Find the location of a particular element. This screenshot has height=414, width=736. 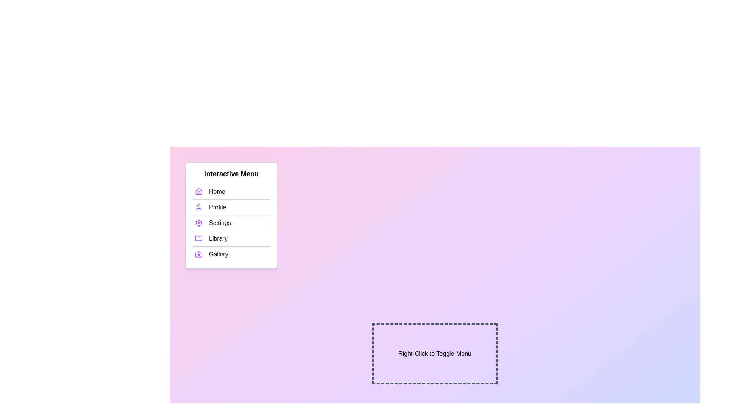

the menu item labeled Settings to select it is located at coordinates (231, 223).